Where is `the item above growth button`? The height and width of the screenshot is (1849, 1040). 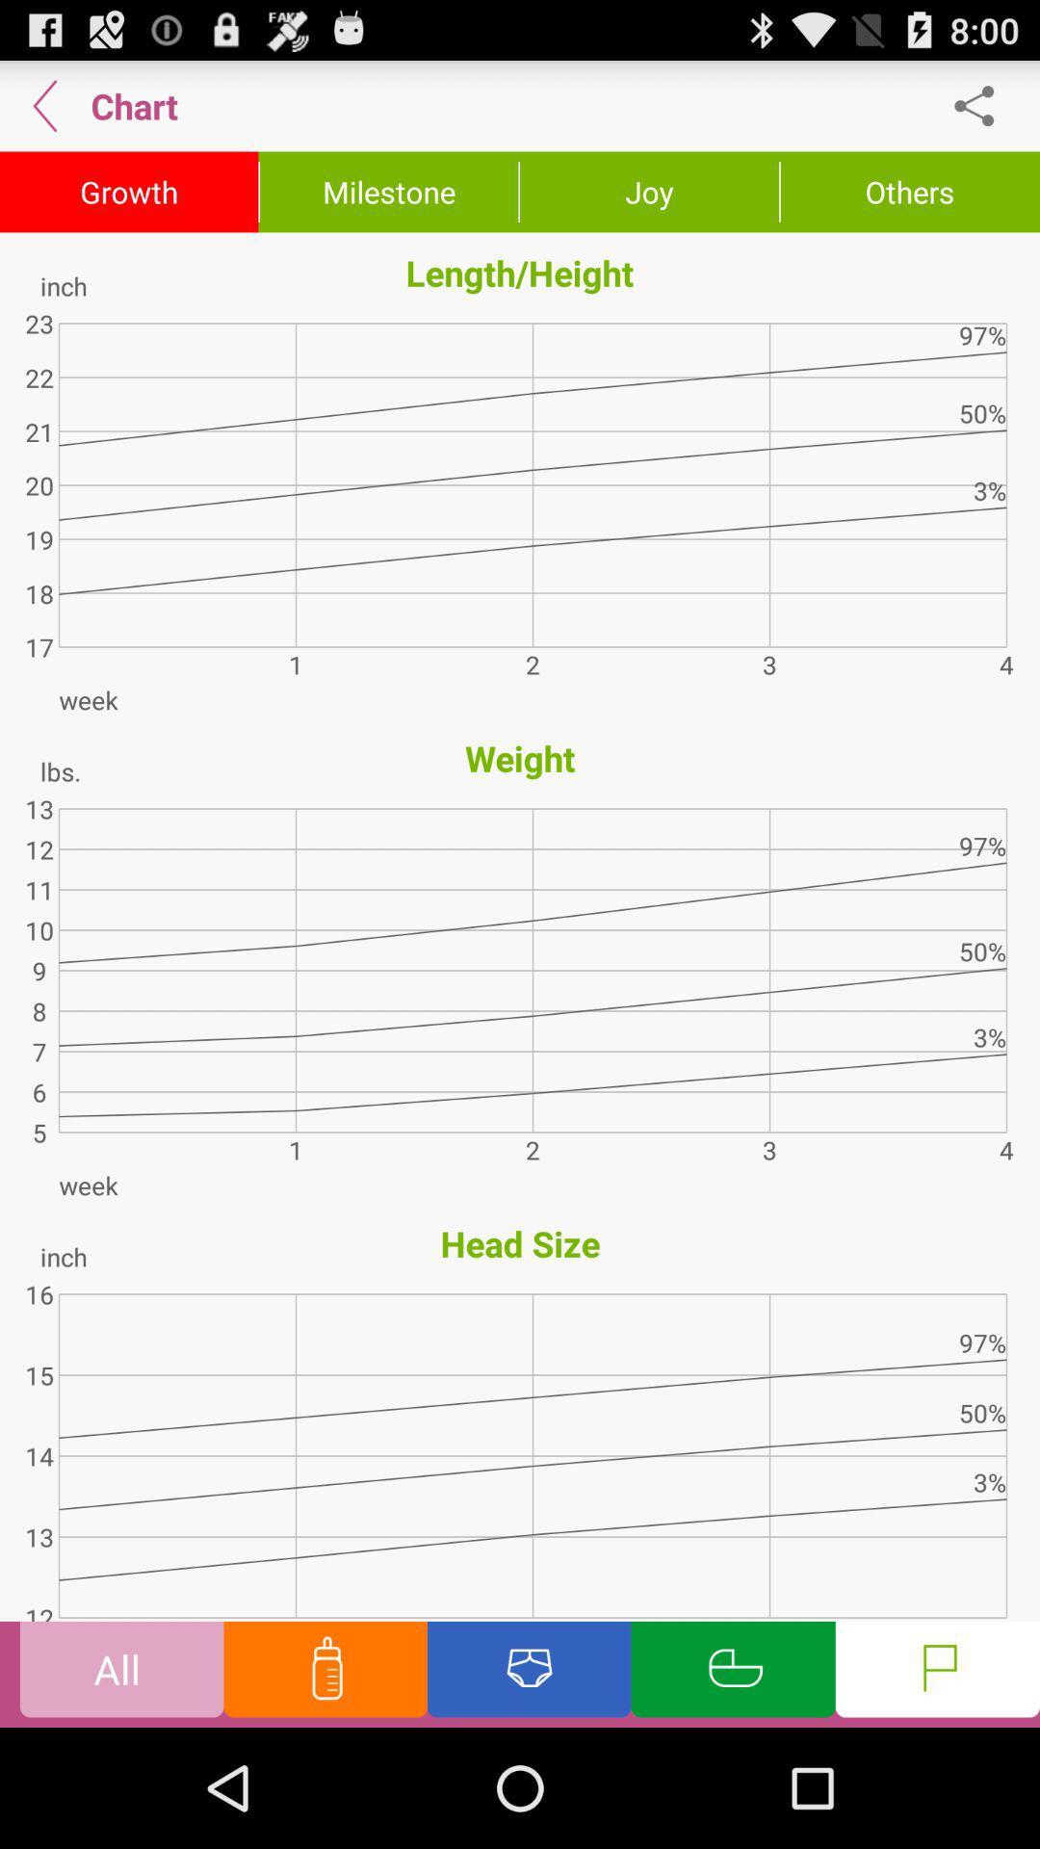 the item above growth button is located at coordinates (44, 105).